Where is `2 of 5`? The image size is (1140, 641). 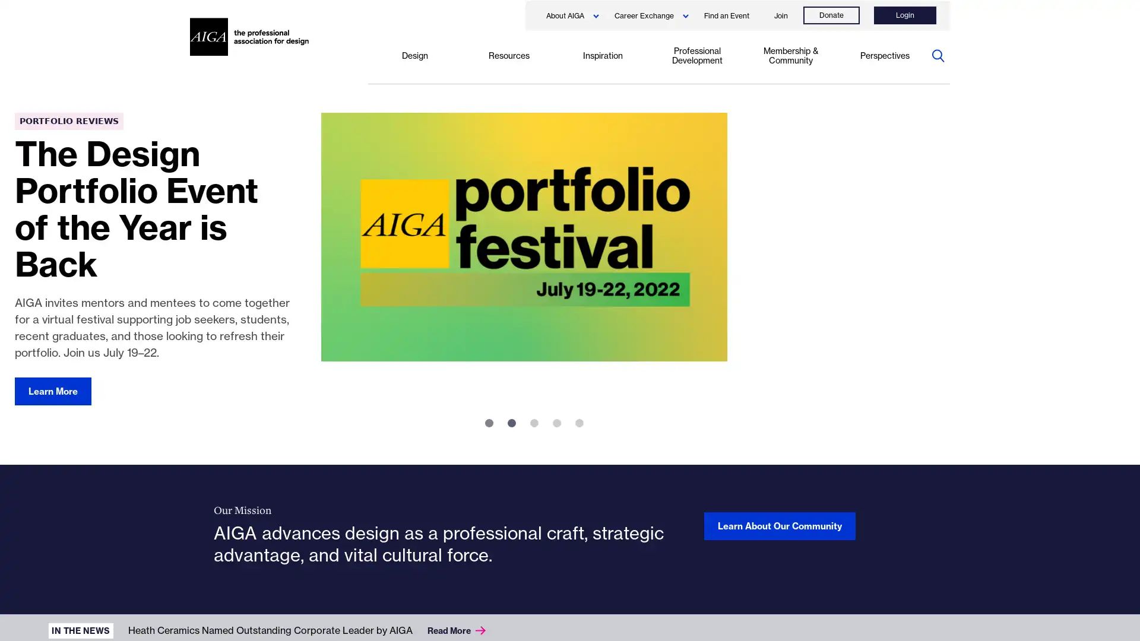 2 of 5 is located at coordinates (512, 423).